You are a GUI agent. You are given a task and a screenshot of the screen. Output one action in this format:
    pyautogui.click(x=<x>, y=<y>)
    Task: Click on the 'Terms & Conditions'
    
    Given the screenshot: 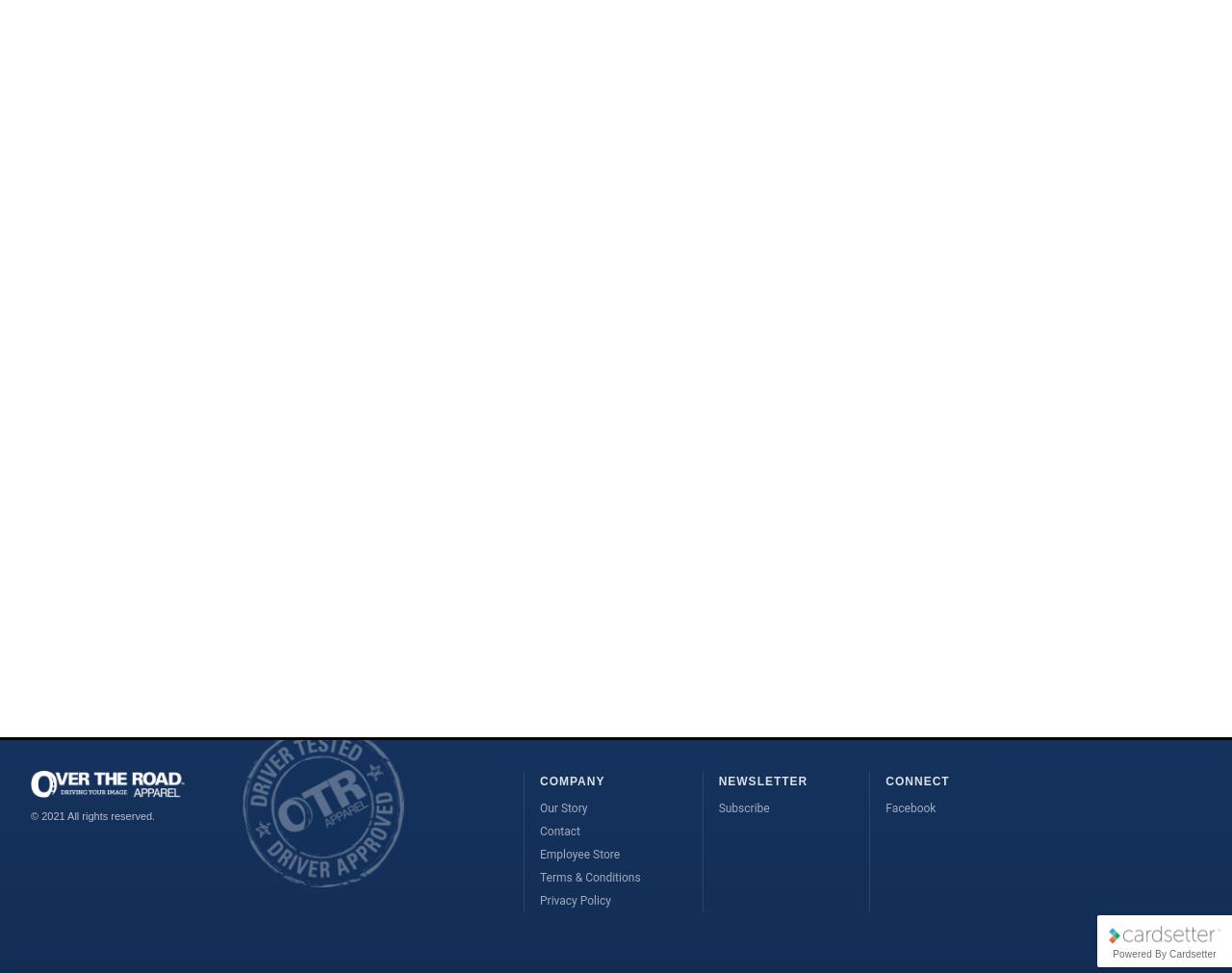 What is the action you would take?
    pyautogui.click(x=588, y=877)
    